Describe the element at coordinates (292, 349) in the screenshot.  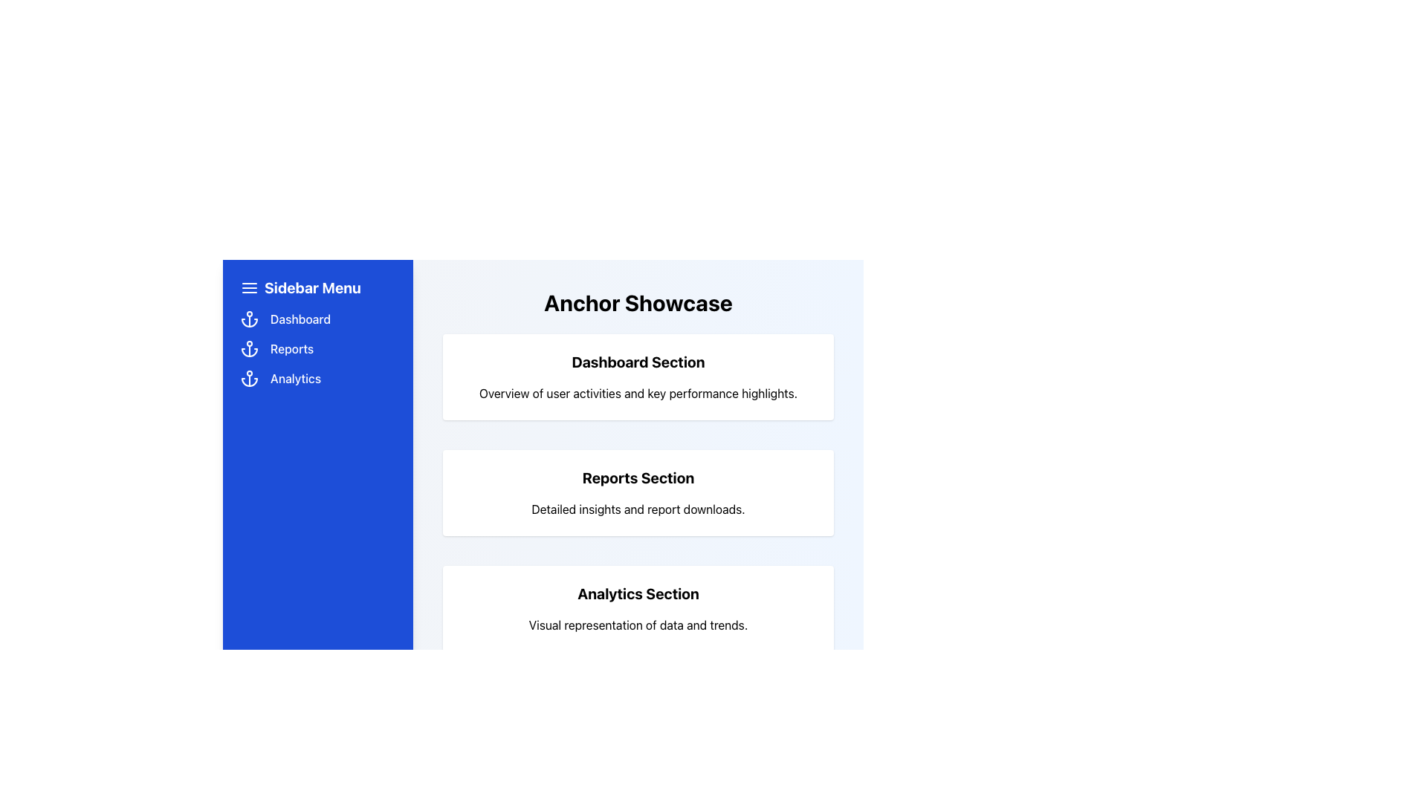
I see `the 'Reports' hyperlink located in the sidebar, which is the second item in the vertical list of links` at that location.